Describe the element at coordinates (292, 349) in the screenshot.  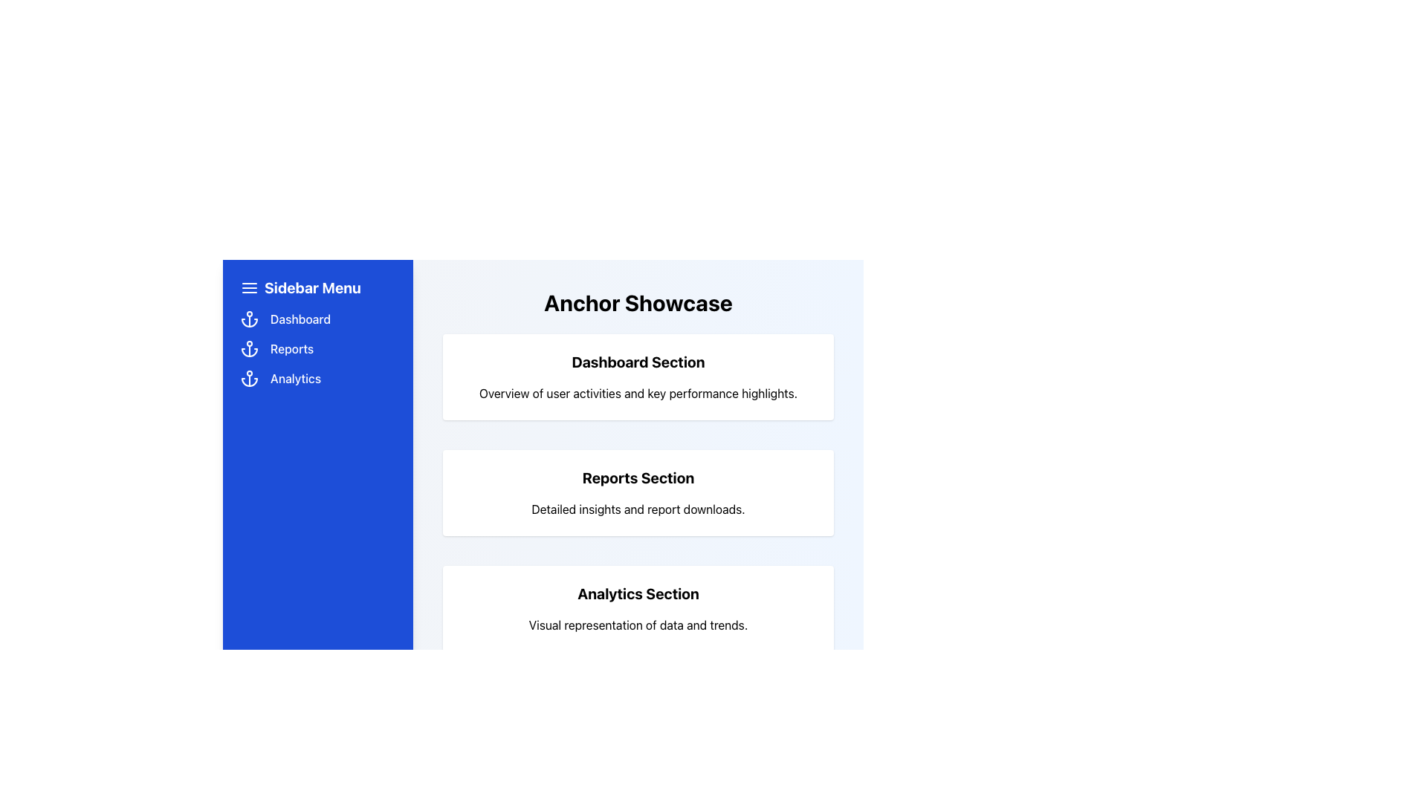
I see `the 'Reports' hyperlink located in the sidebar, which is the second item in the vertical list of links` at that location.